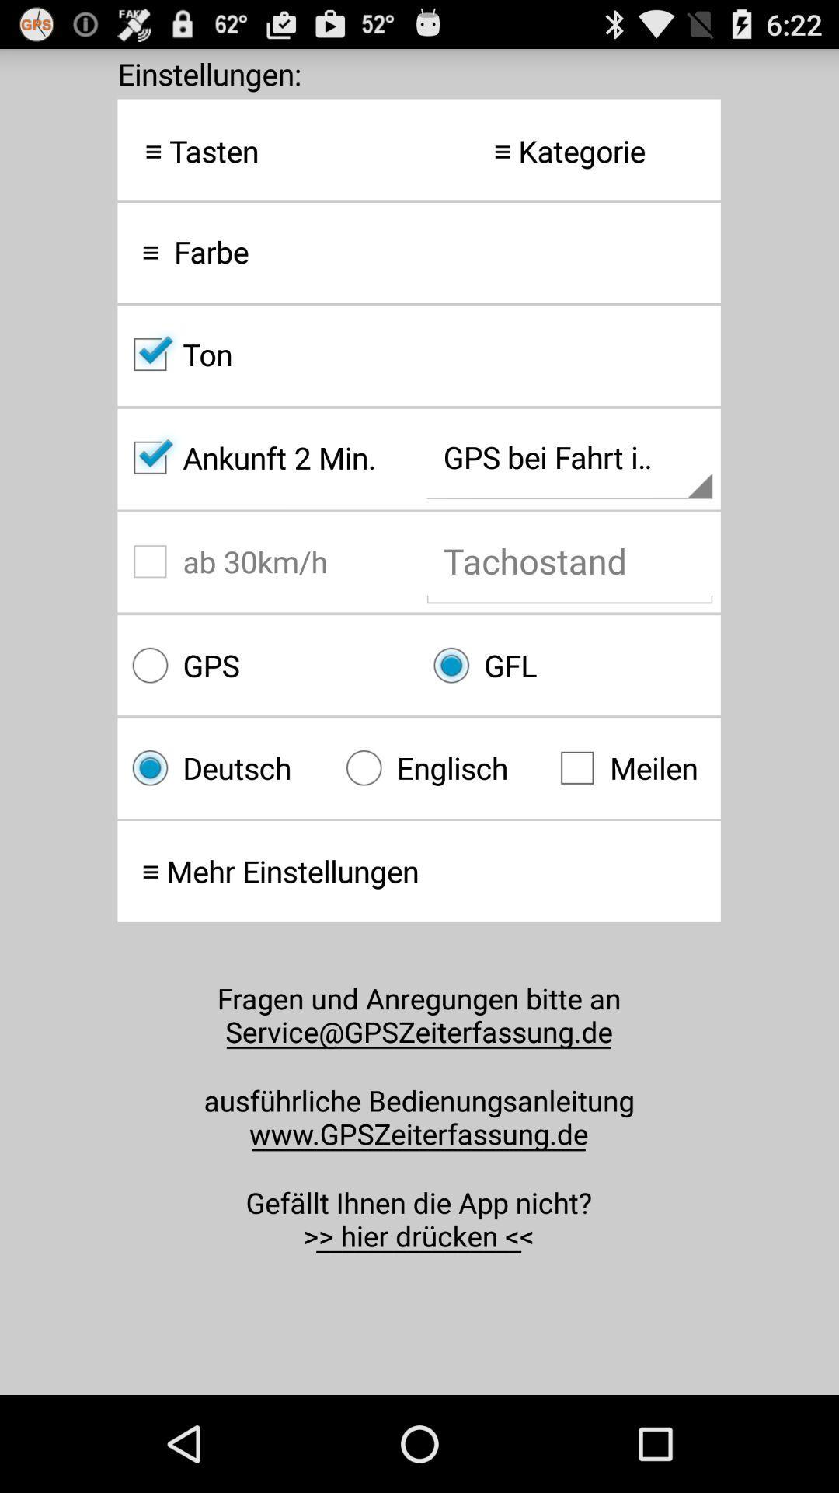 This screenshot has width=839, height=1493. Describe the element at coordinates (632, 767) in the screenshot. I see `the meilen item` at that location.